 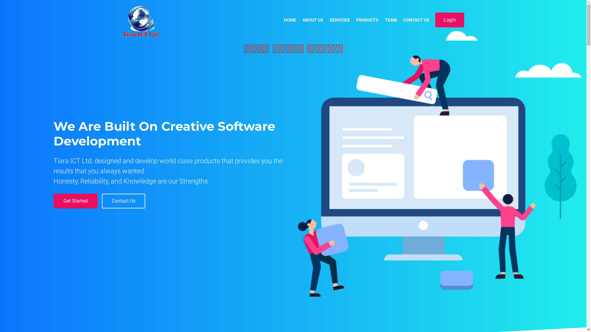 What do you see at coordinates (312, 20) in the screenshot?
I see `'ABOUT US'` at bounding box center [312, 20].